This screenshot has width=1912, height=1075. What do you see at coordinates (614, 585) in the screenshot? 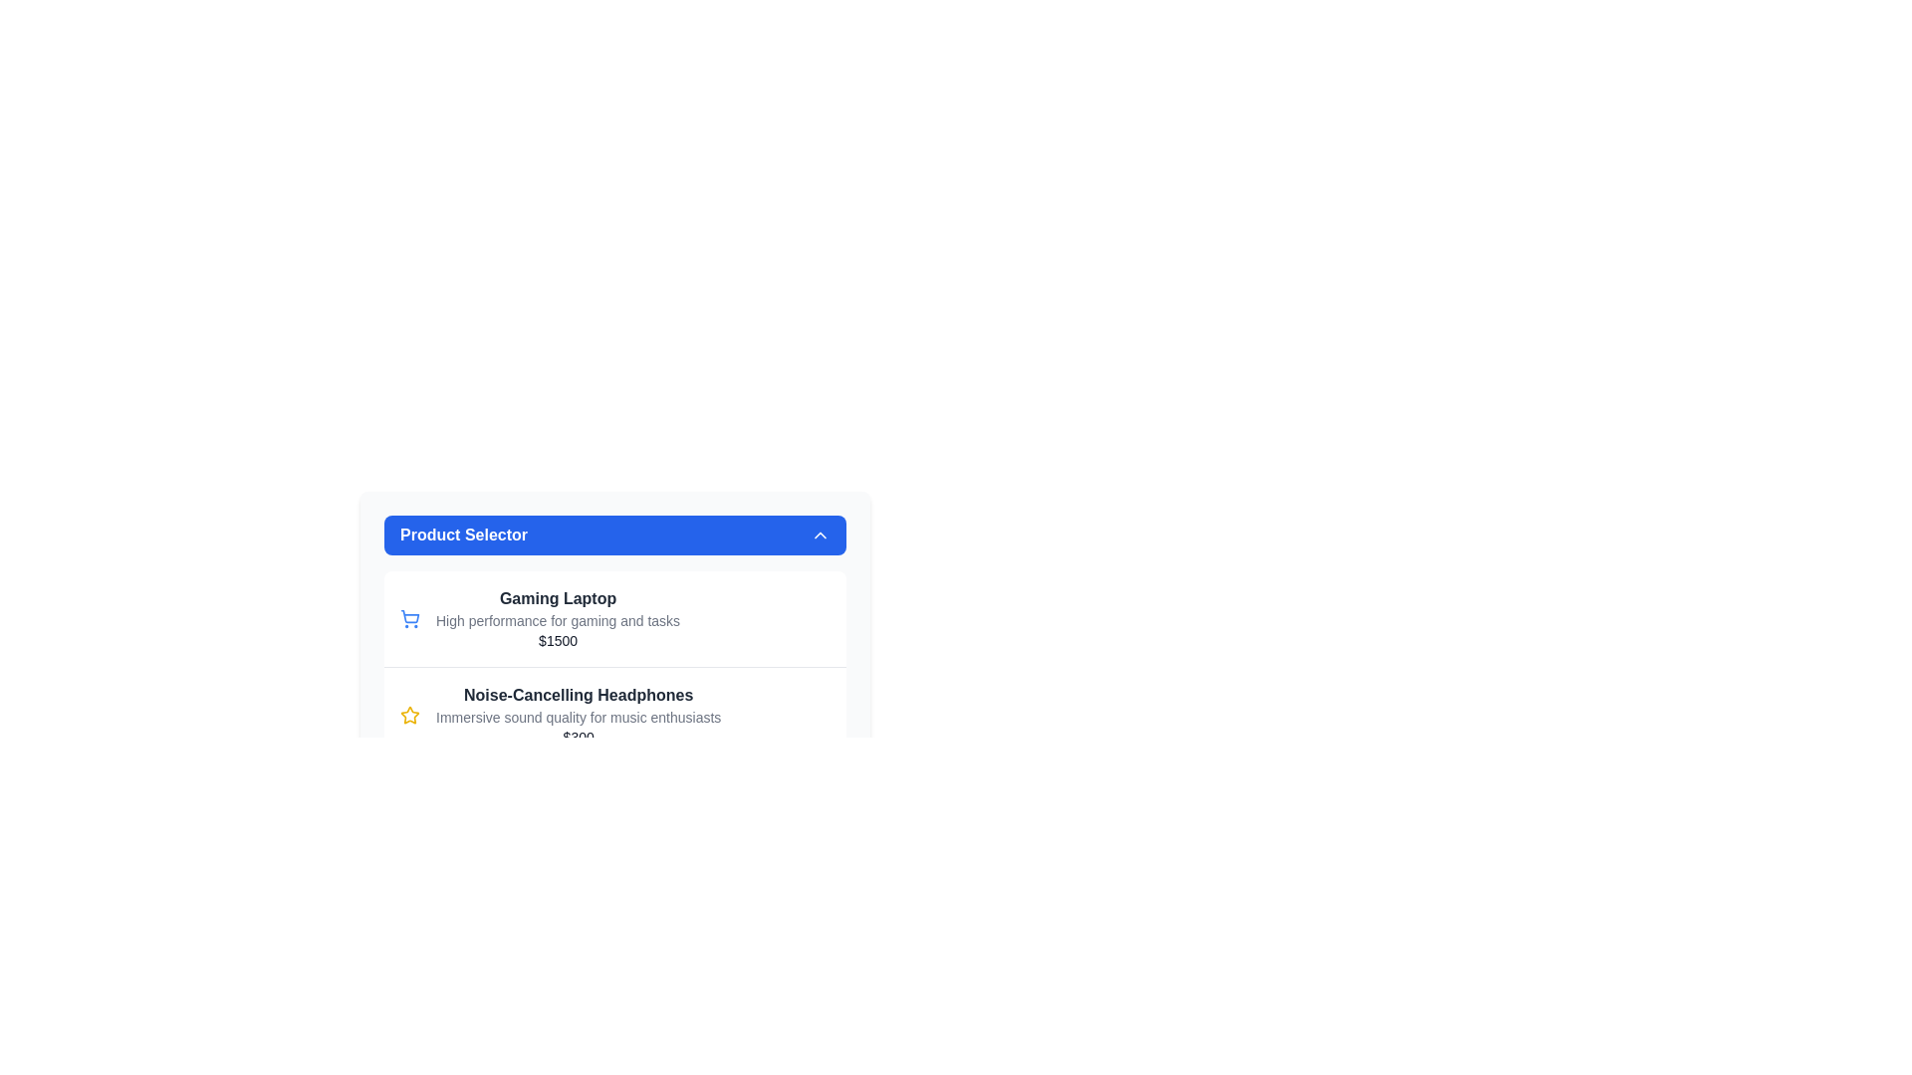
I see `the first product option in the selector interface` at bounding box center [614, 585].